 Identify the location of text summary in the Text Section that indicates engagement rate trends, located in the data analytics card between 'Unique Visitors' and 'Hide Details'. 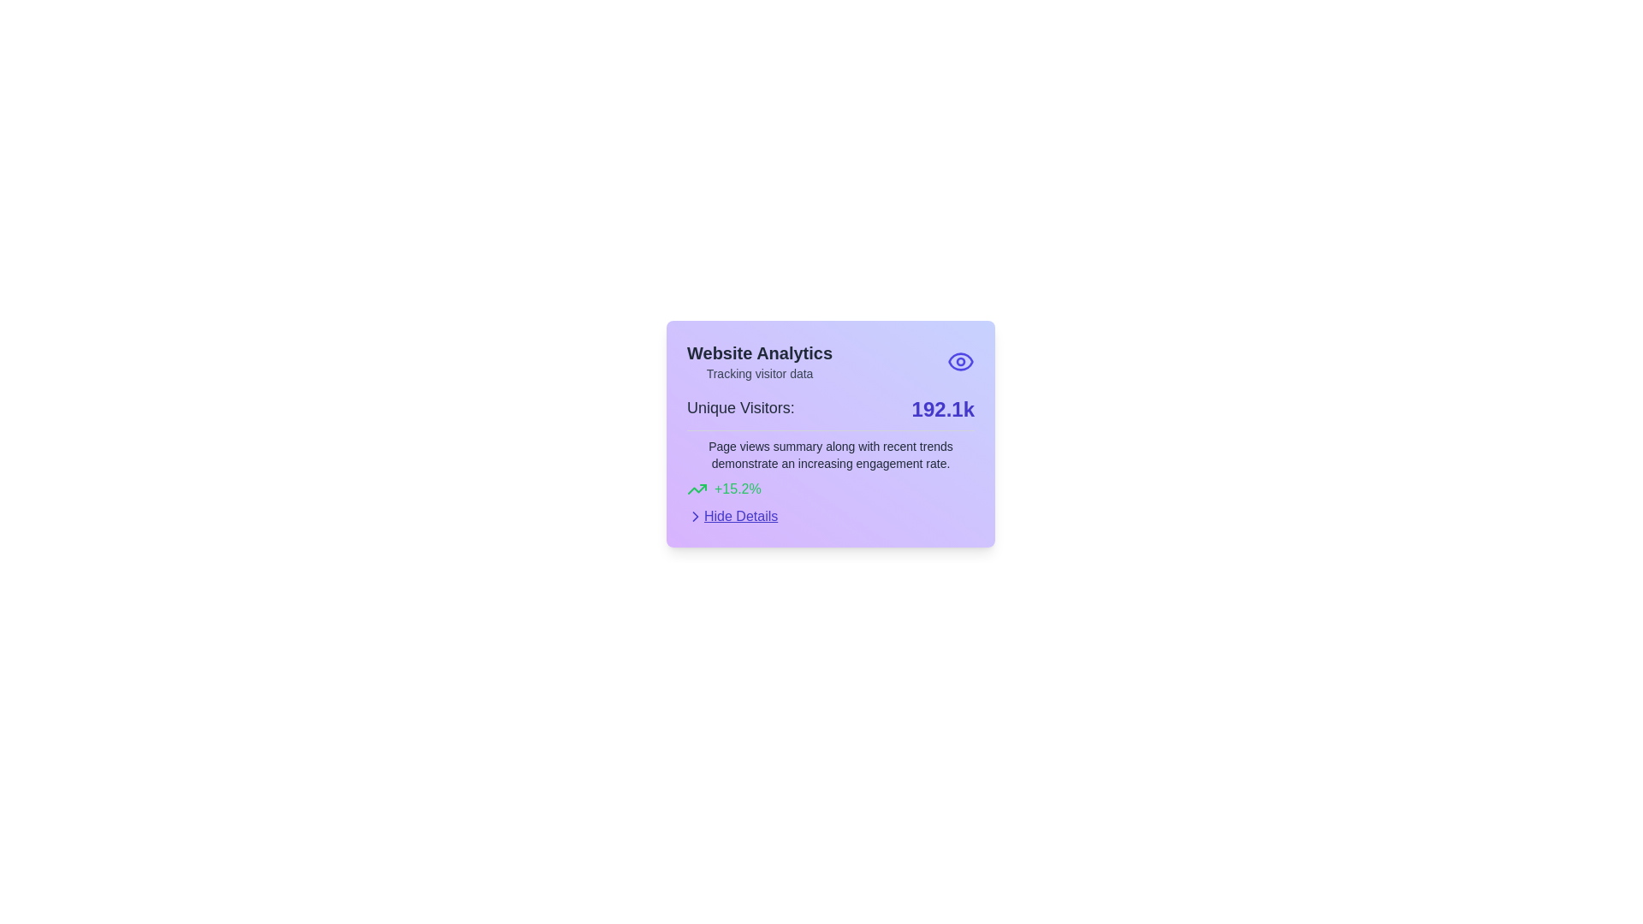
(830, 465).